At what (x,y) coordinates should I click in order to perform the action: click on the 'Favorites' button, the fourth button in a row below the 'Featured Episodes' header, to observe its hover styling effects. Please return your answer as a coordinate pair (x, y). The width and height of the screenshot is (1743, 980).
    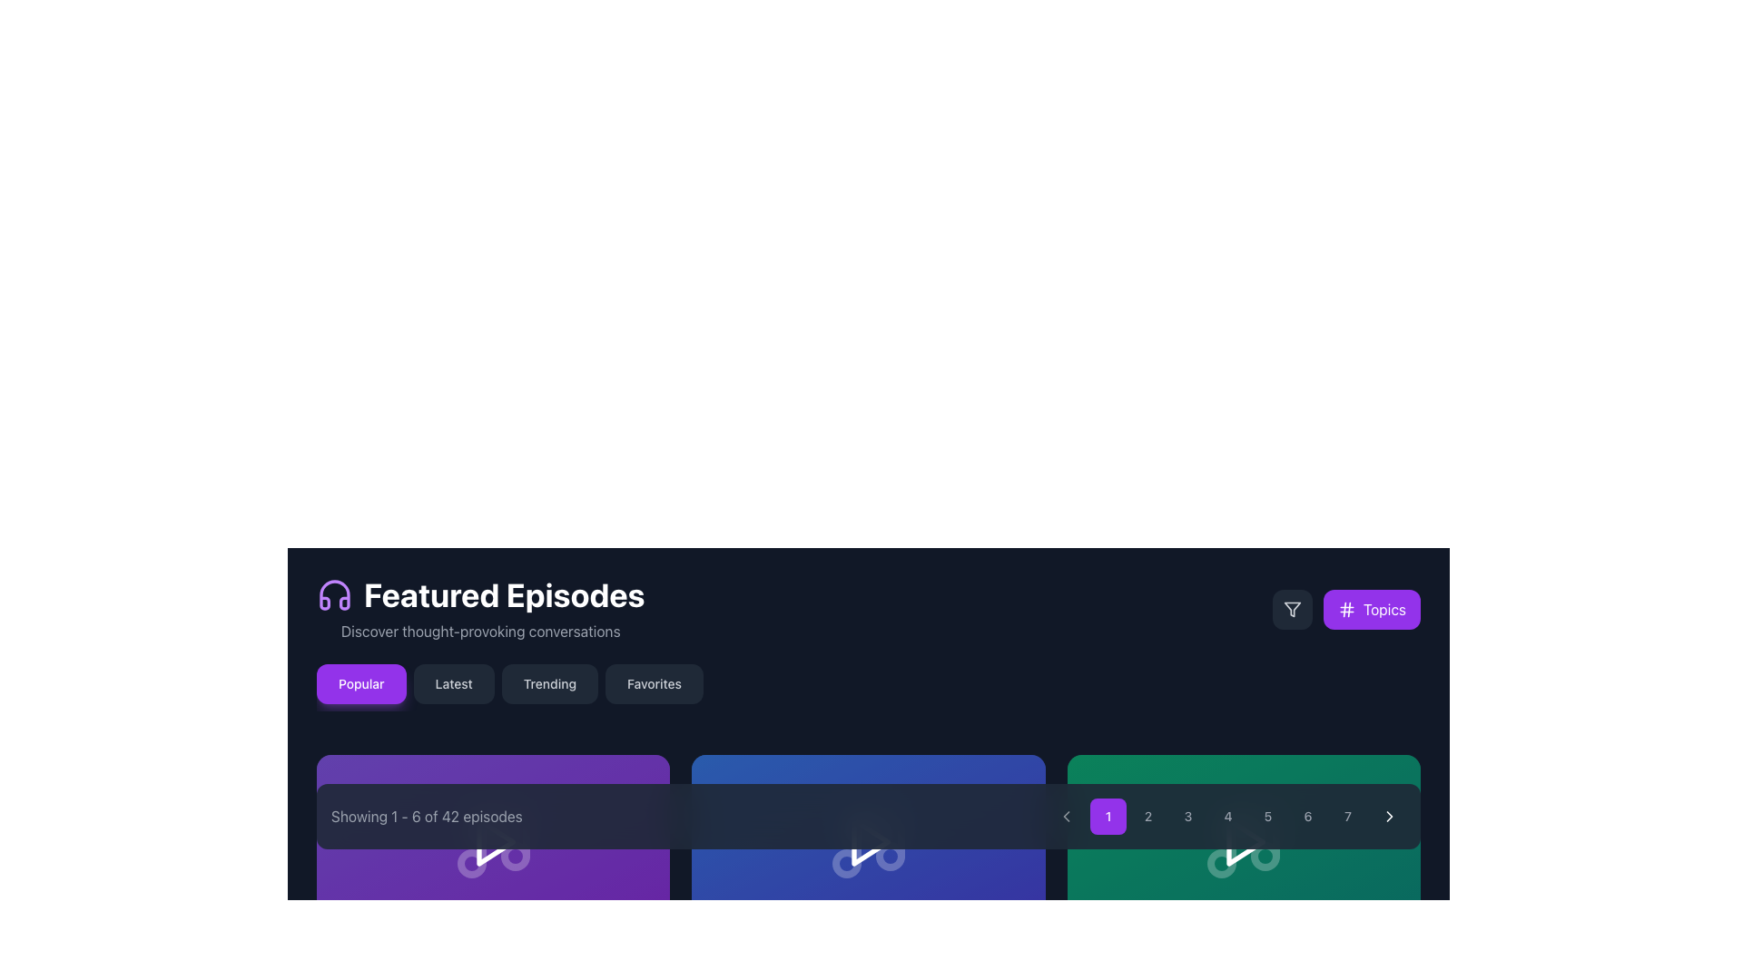
    Looking at the image, I should click on (654, 683).